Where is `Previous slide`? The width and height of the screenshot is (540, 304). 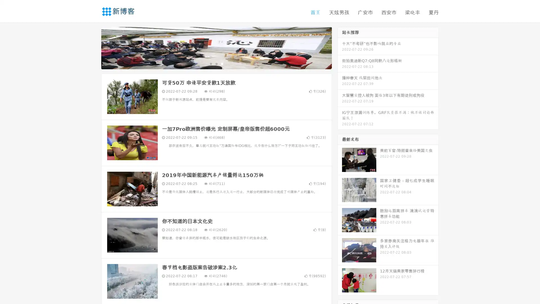
Previous slide is located at coordinates (93, 47).